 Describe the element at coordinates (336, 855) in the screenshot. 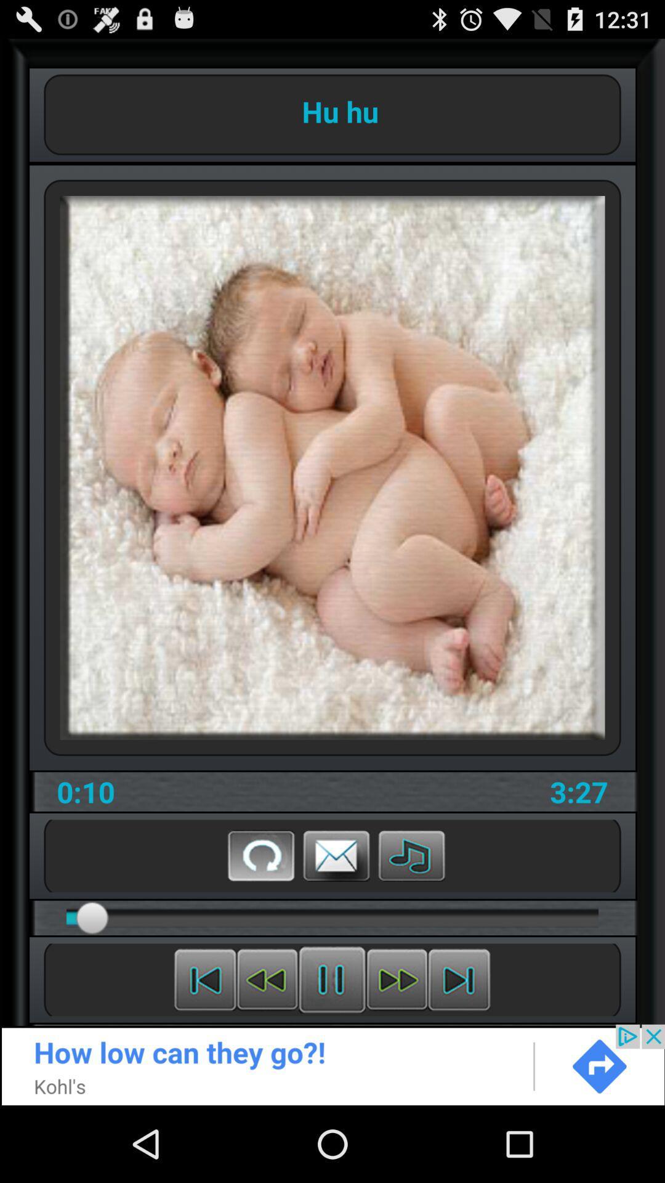

I see `share through email` at that location.